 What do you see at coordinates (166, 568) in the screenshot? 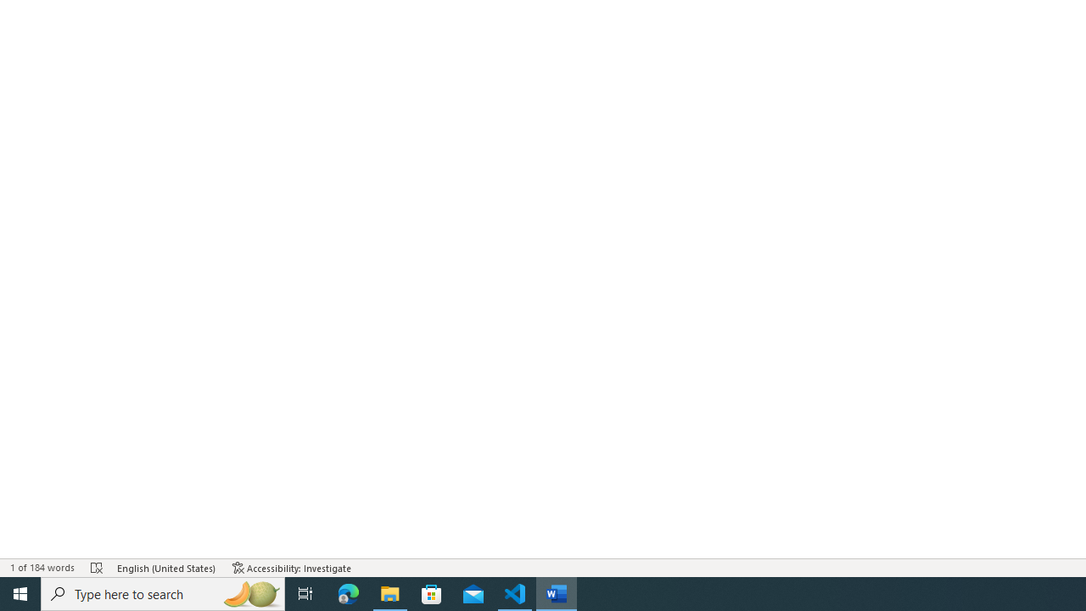
I see `'Language English (United States)'` at bounding box center [166, 568].